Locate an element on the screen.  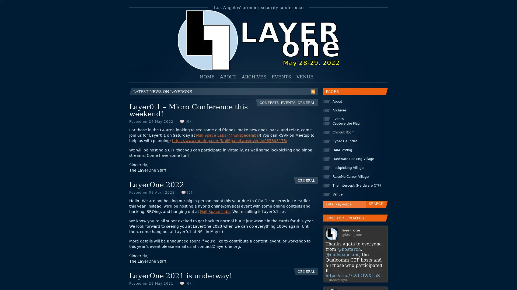
SEARCH is located at coordinates (375, 203).